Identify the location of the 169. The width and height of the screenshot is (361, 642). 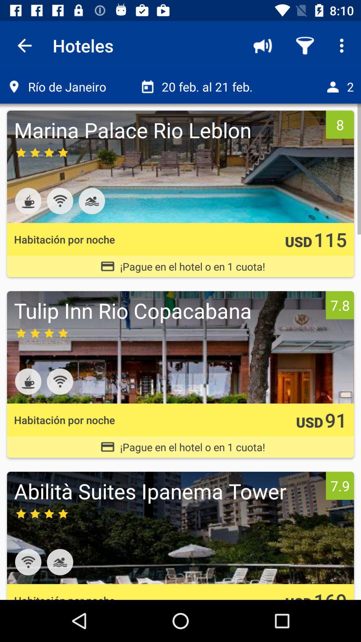
(330, 594).